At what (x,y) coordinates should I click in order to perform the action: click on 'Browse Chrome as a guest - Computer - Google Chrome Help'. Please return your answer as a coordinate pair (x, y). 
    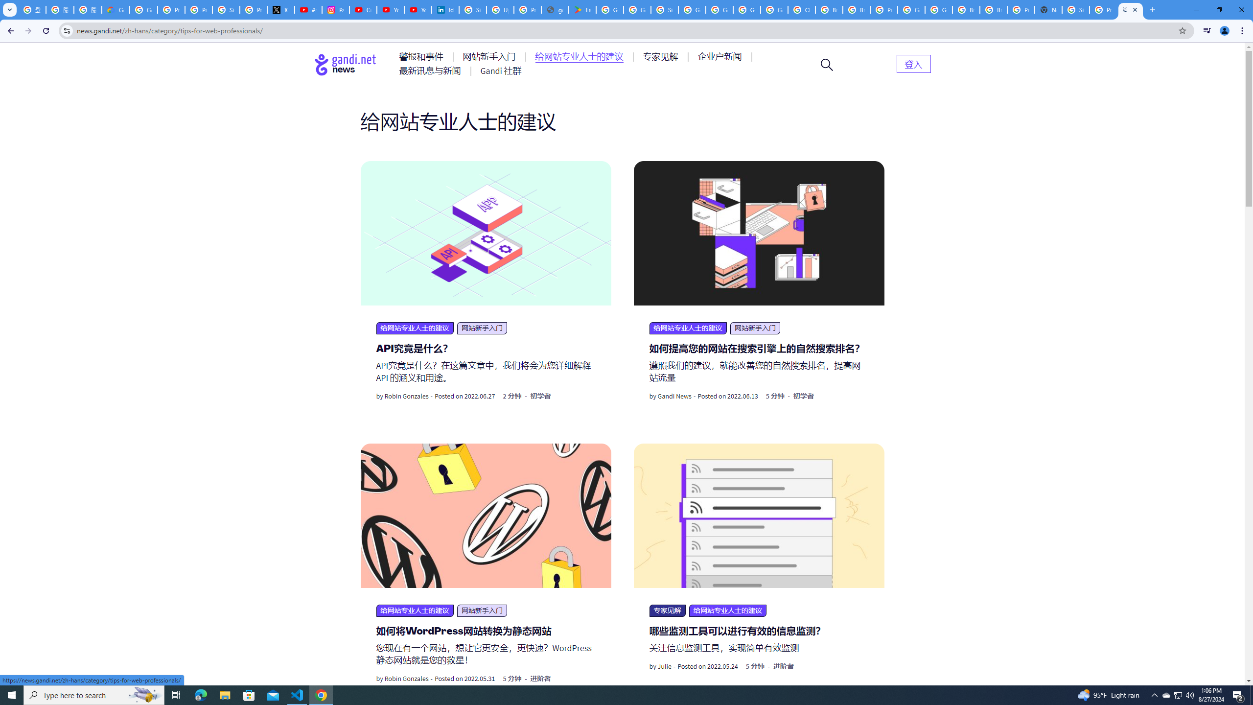
    Looking at the image, I should click on (966, 9).